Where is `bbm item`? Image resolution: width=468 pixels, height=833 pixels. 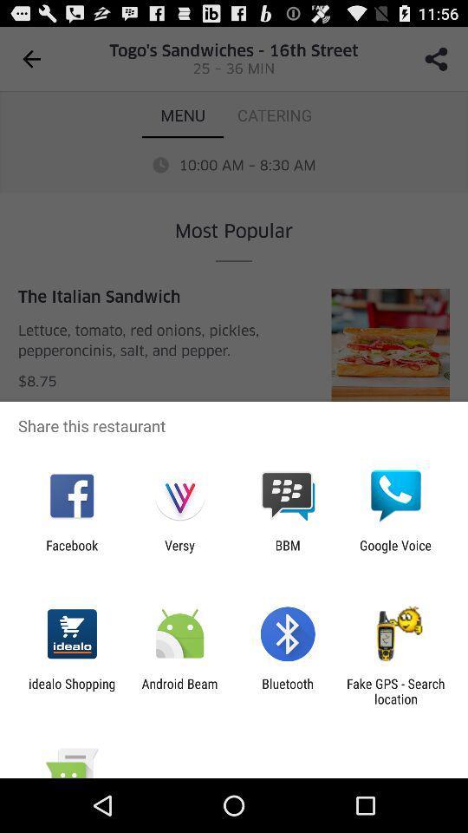 bbm item is located at coordinates (288, 552).